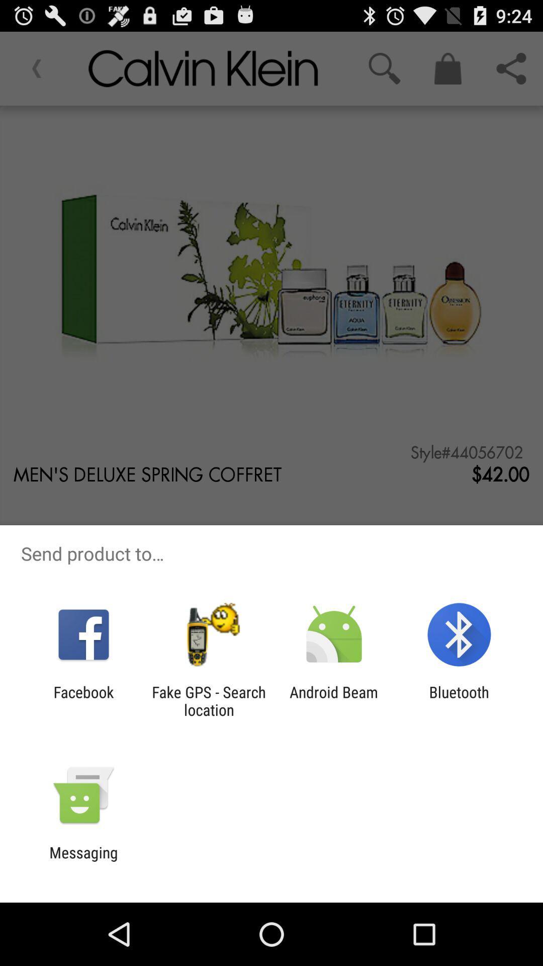  Describe the element at coordinates (334, 700) in the screenshot. I see `android beam icon` at that location.